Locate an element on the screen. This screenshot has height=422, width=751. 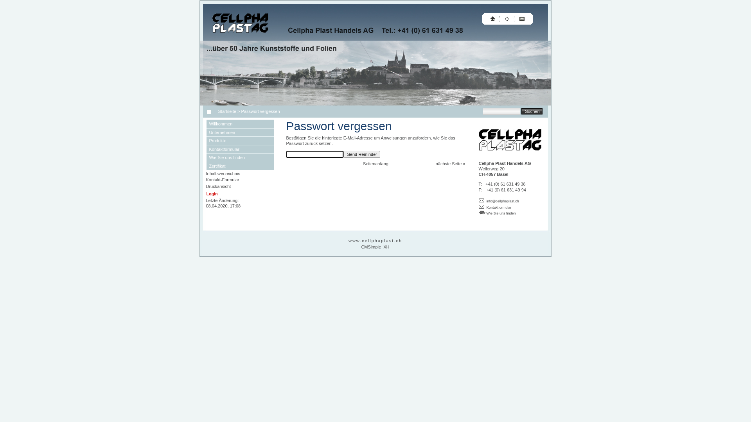
'Zertifikat' is located at coordinates (207, 165).